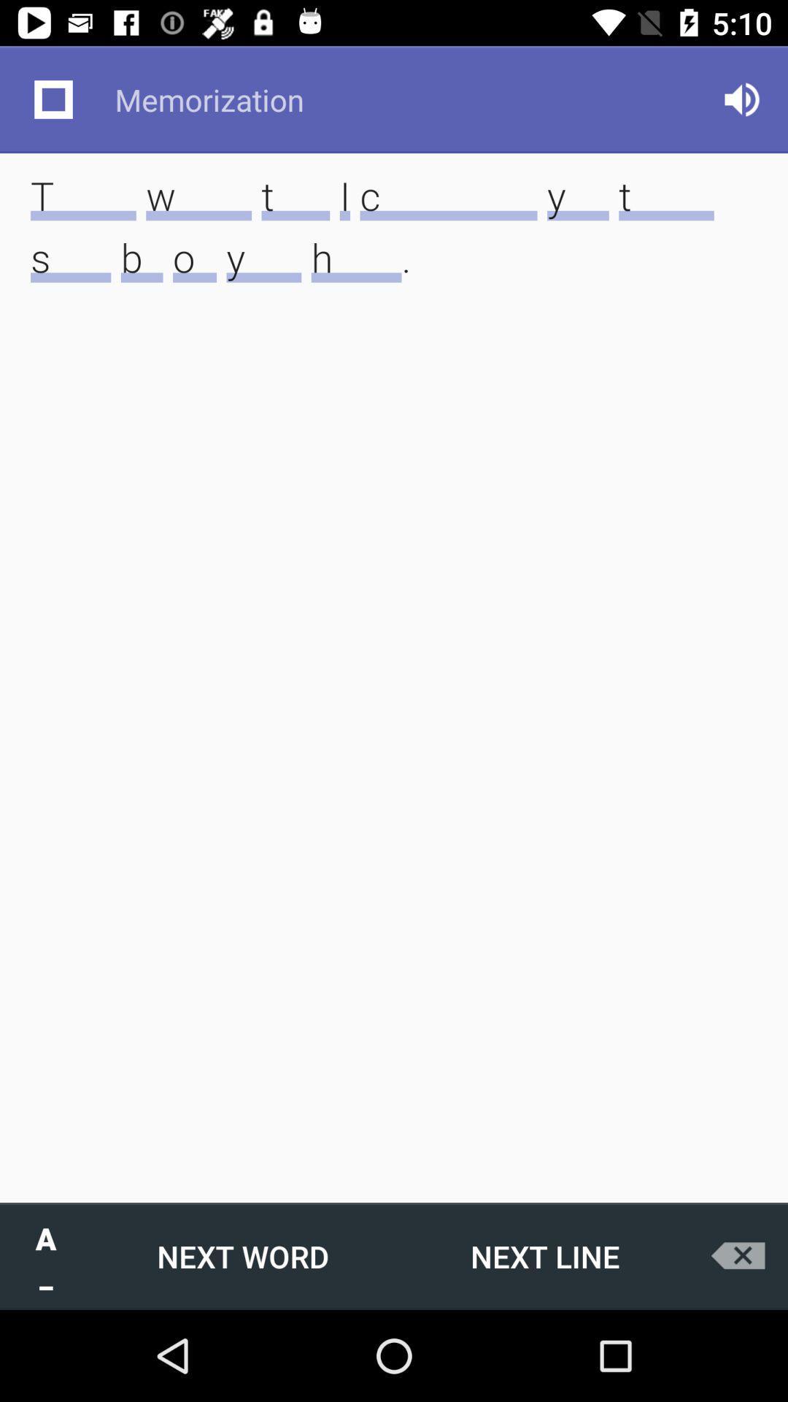 The width and height of the screenshot is (788, 1402). I want to click on icon above the these words that item, so click(53, 99).